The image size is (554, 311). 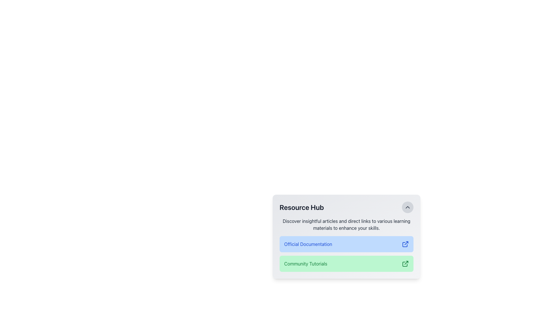 I want to click on the downward facing chevron arrow icon located in the circular button at the top right corner of the 'Resource Hub' card, so click(x=407, y=207).